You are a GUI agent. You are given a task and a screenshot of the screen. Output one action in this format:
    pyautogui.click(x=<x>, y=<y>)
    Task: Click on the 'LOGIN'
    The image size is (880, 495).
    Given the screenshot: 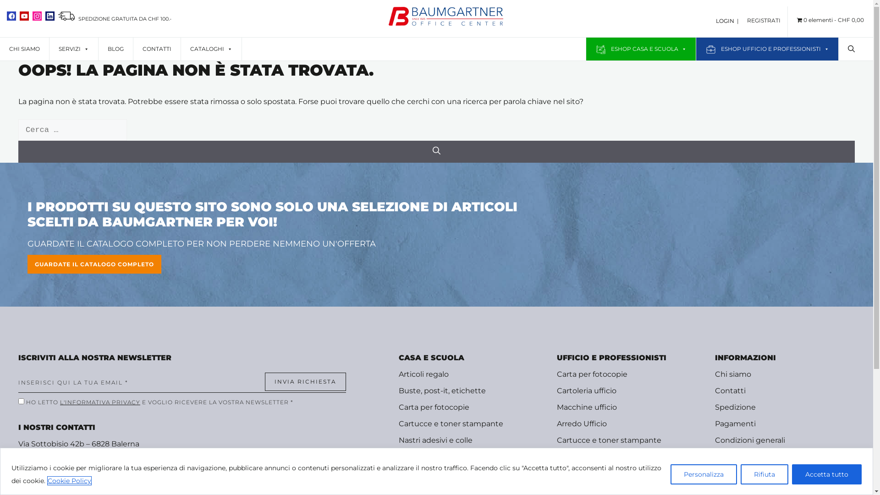 What is the action you would take?
    pyautogui.click(x=725, y=21)
    